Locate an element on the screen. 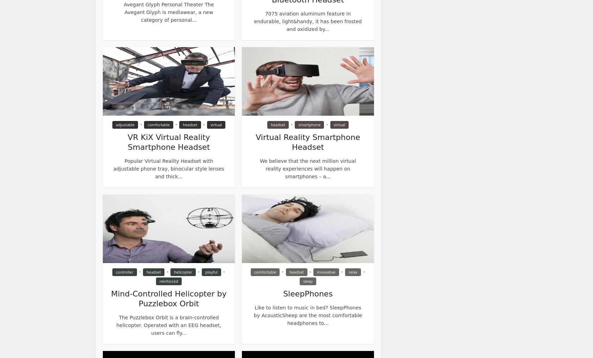  'reinforced' is located at coordinates (168, 281).